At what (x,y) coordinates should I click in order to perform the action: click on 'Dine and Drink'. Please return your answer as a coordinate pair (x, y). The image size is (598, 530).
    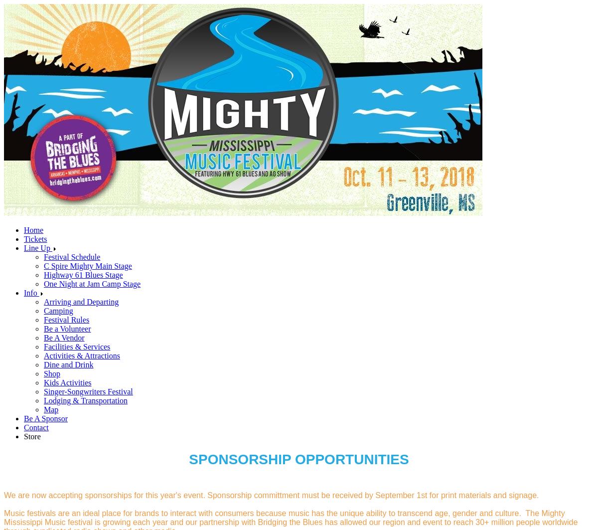
    Looking at the image, I should click on (68, 364).